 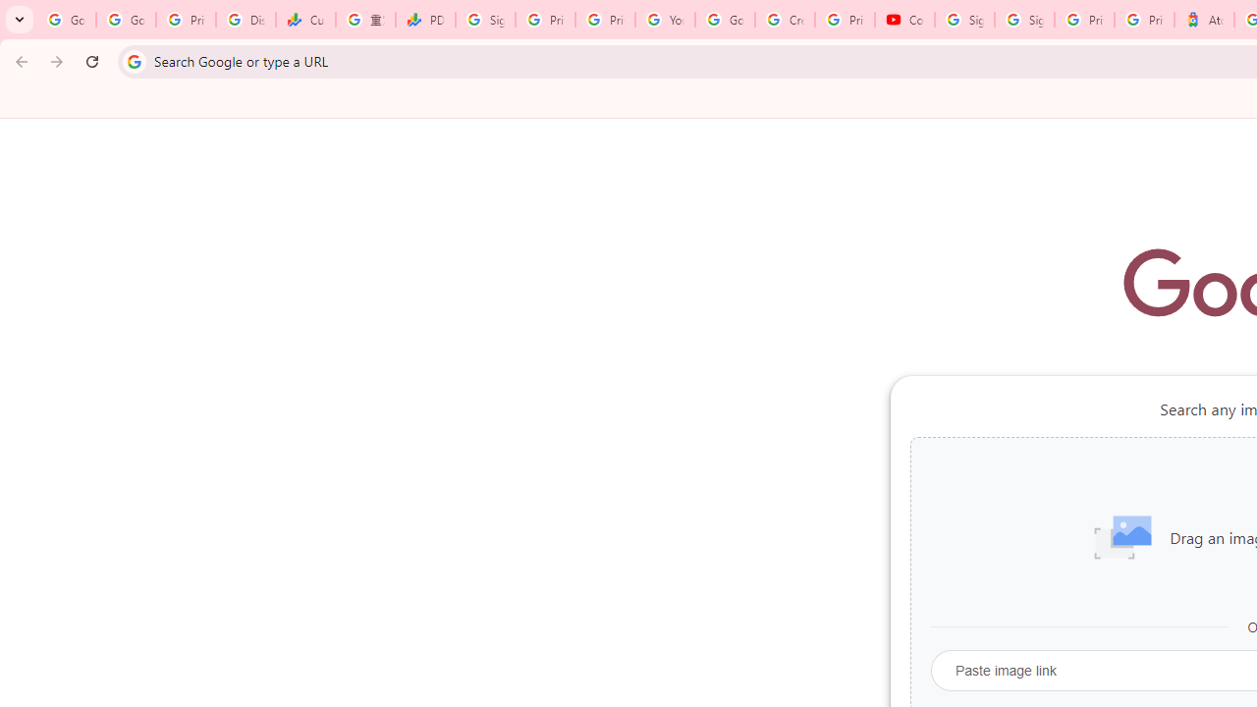 What do you see at coordinates (665, 20) in the screenshot?
I see `'YouTube'` at bounding box center [665, 20].